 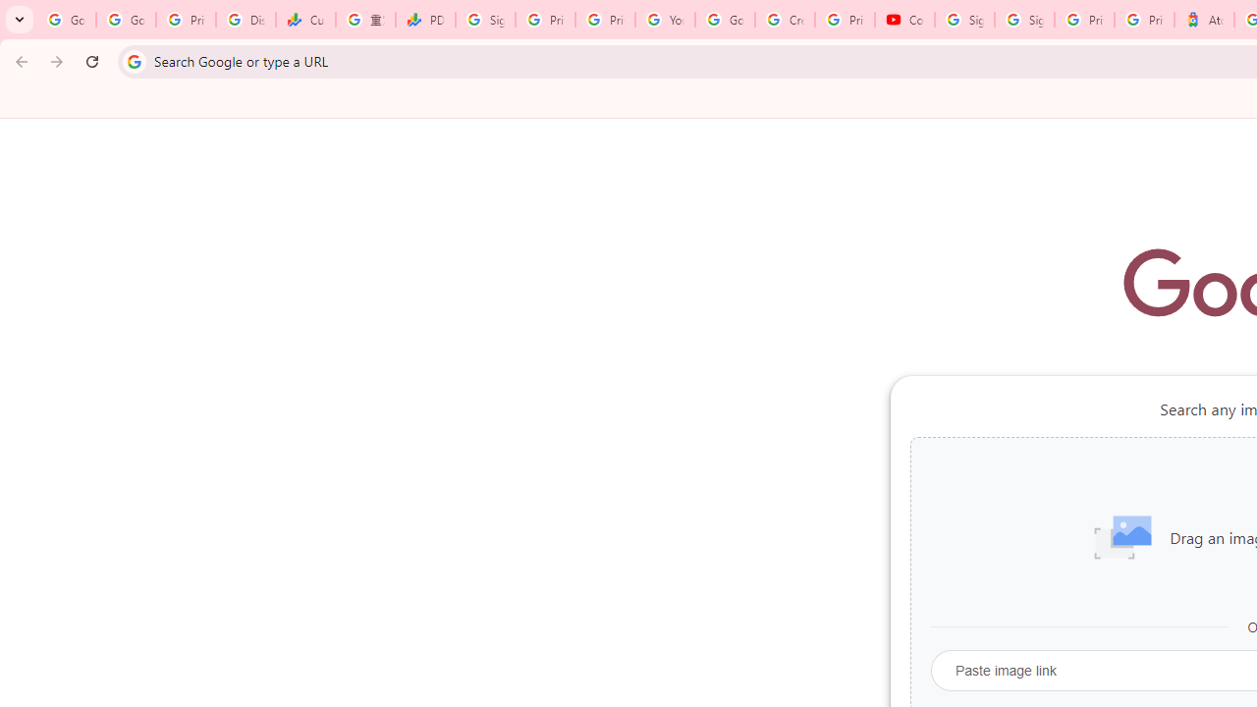 What do you see at coordinates (665, 20) in the screenshot?
I see `'YouTube'` at bounding box center [665, 20].